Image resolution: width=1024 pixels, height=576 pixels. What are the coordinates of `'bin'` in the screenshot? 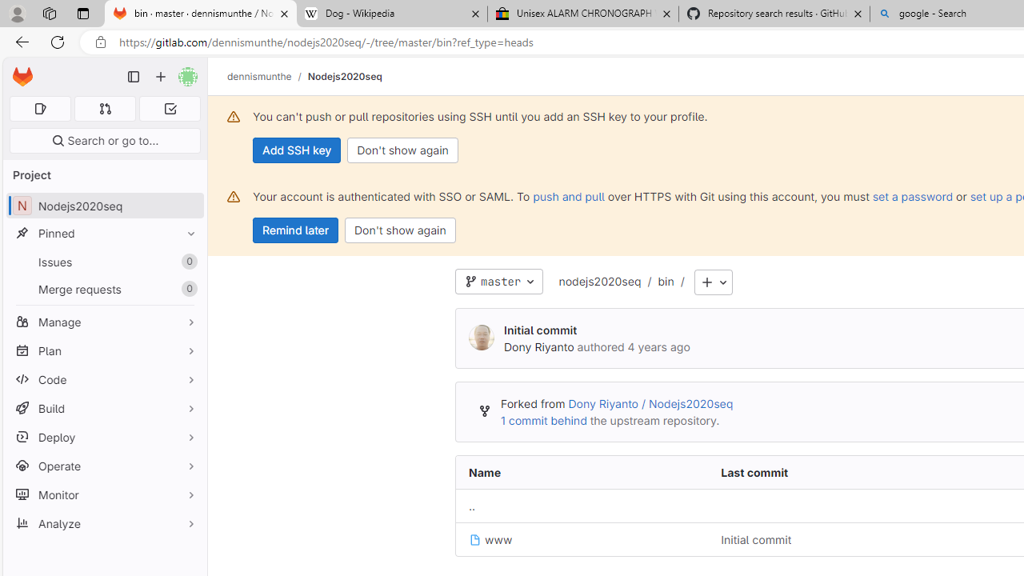 It's located at (666, 280).